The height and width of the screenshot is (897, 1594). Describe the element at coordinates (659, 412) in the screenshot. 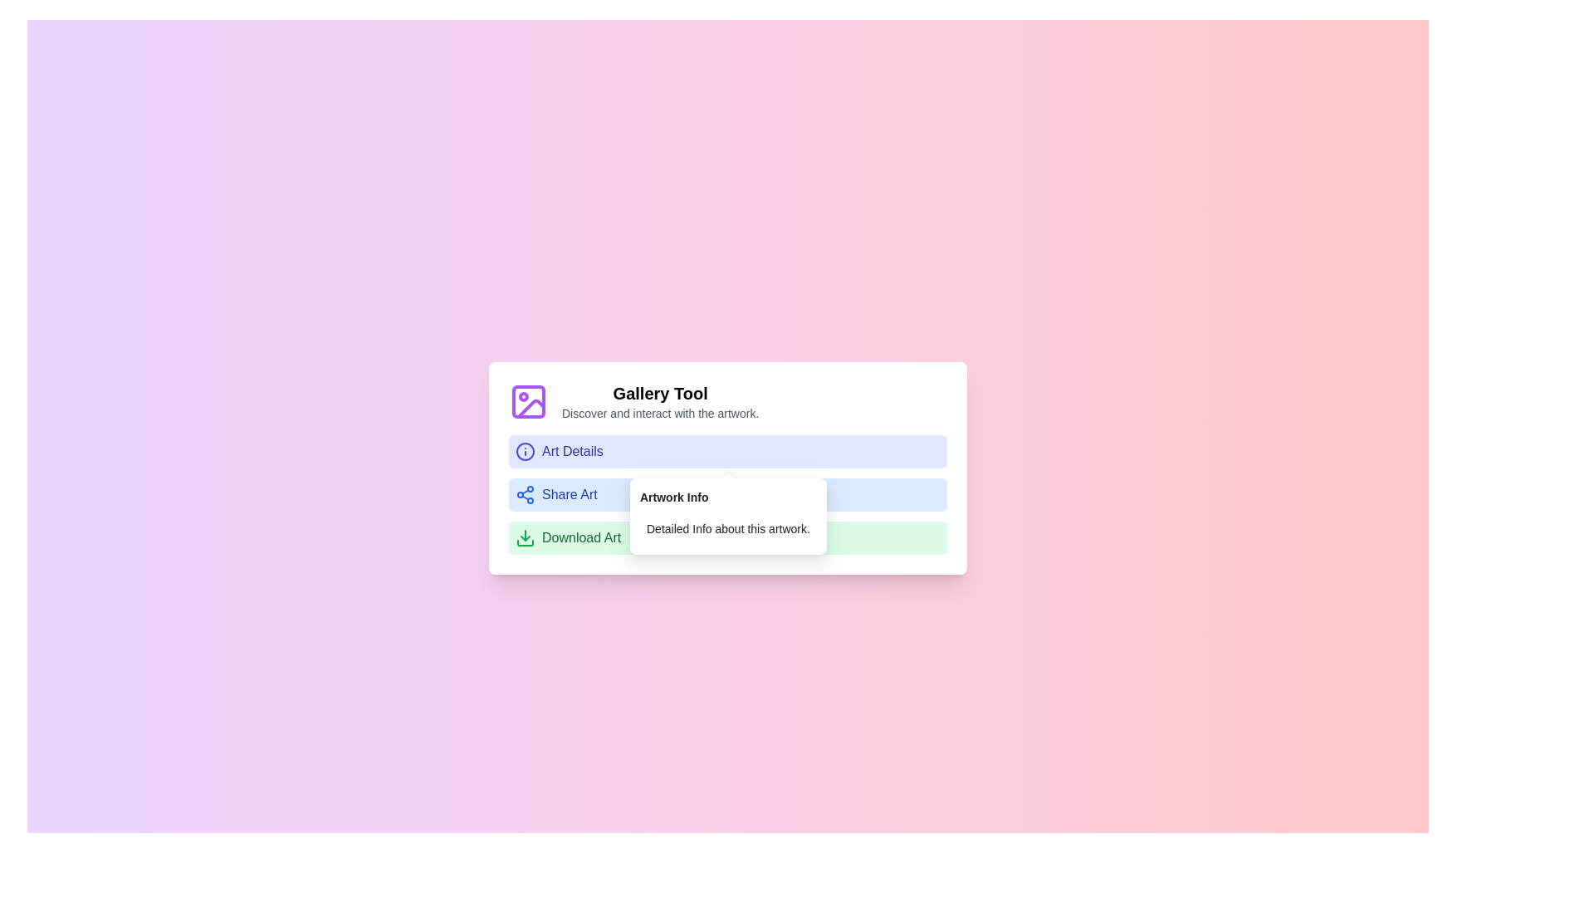

I see `the text label that contains the description 'Discover and interact with the artwork.' located below the title 'Gallery Tool.'` at that location.